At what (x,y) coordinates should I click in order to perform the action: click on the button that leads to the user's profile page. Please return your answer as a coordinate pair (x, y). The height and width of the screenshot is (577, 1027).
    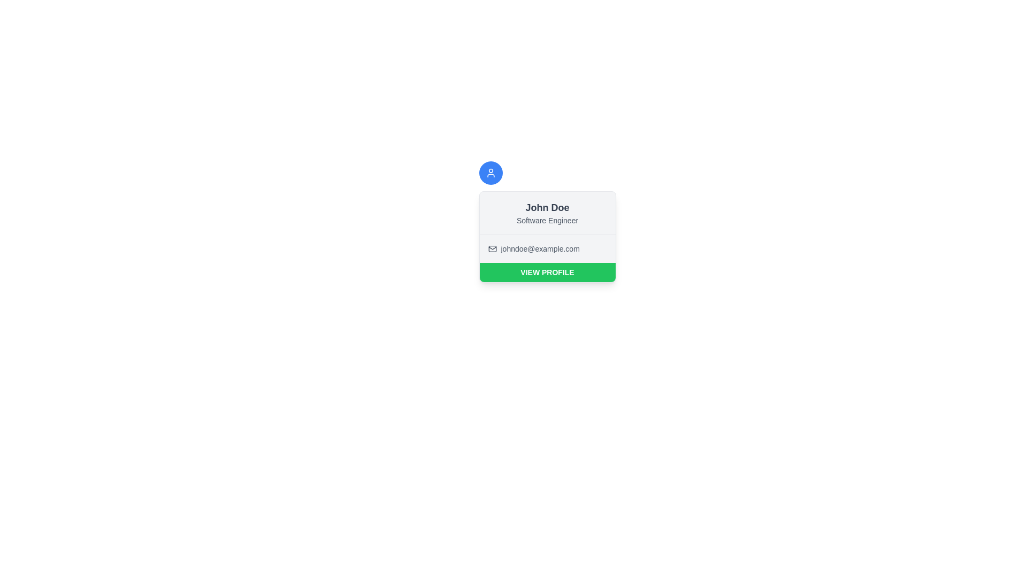
    Looking at the image, I should click on (547, 271).